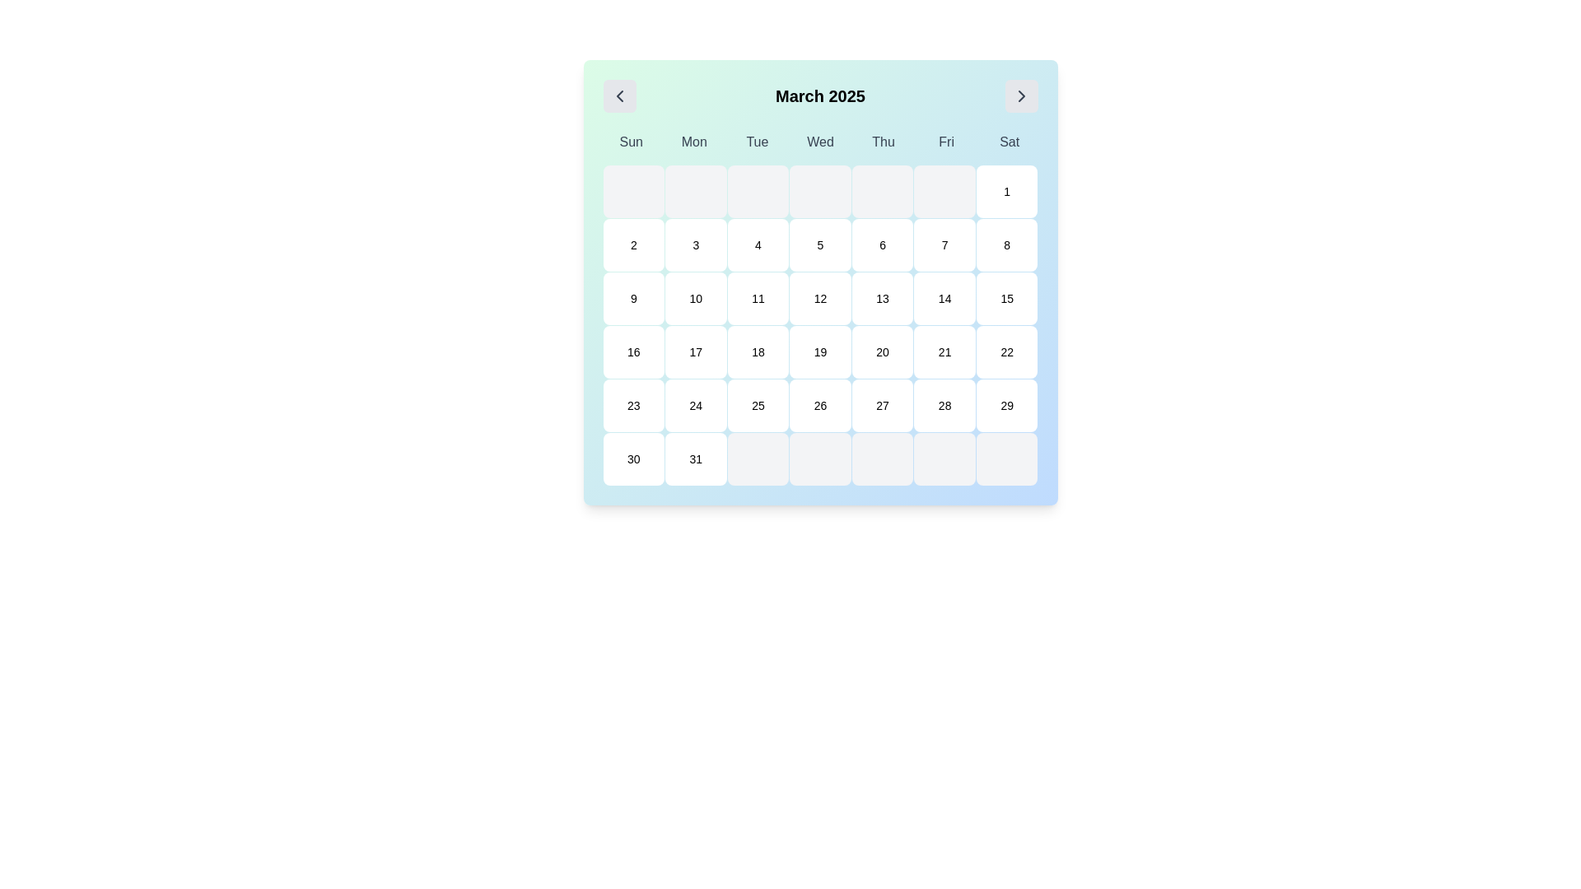  Describe the element at coordinates (882, 351) in the screenshot. I see `the Calendar day cell displaying the text '20' in the fourth row and sixth position of the grid` at that location.